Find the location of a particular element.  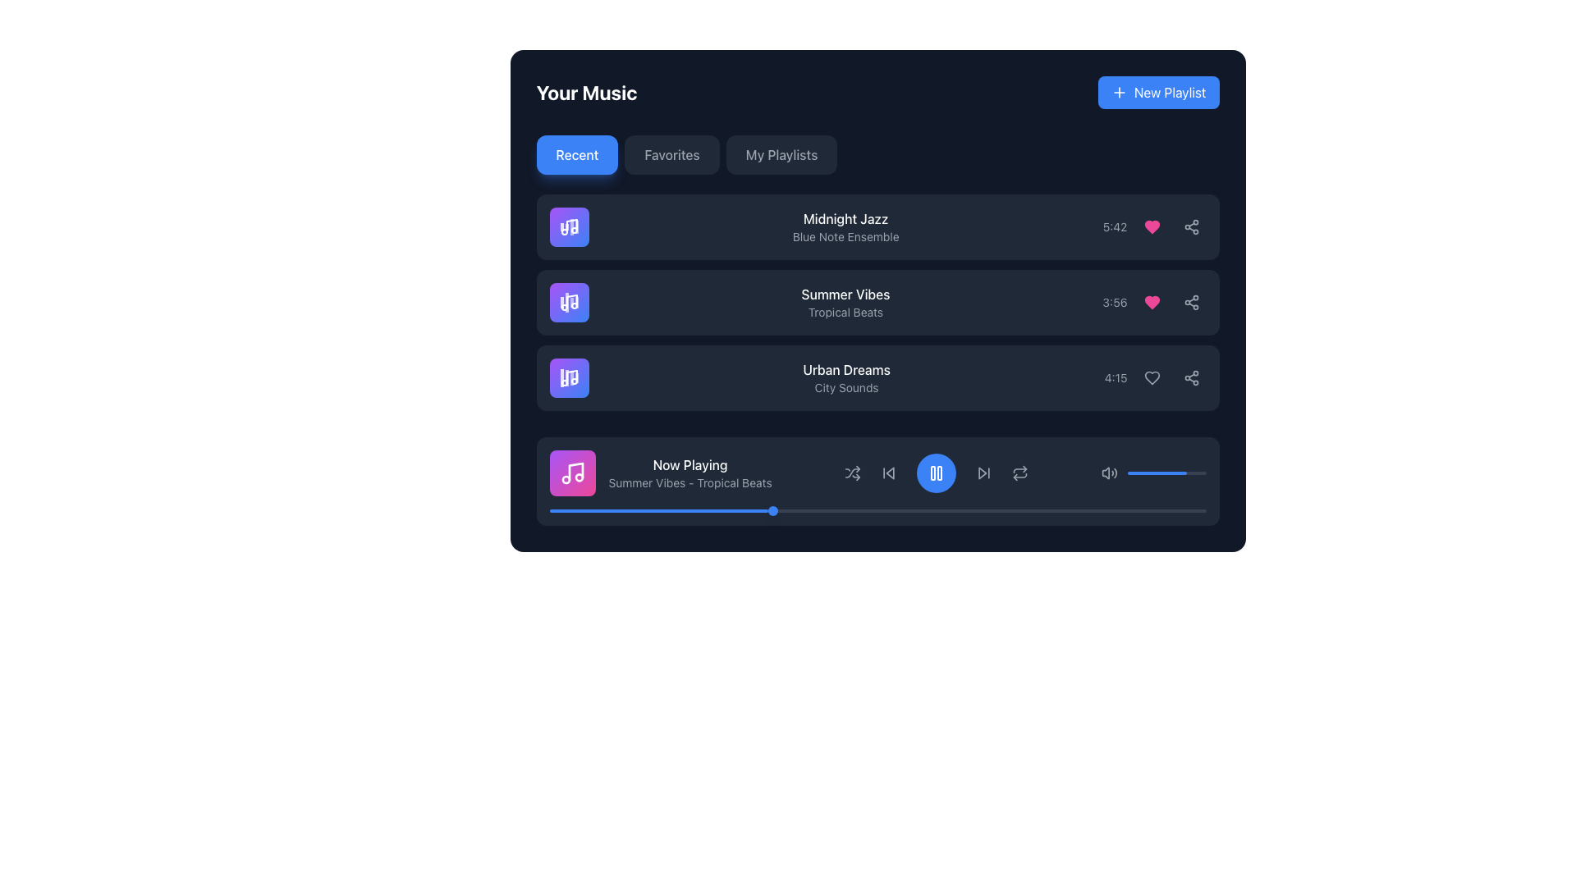

the 'My Playlists' button, which is a horizontally rectangular button with rounded corners is located at coordinates (781, 155).